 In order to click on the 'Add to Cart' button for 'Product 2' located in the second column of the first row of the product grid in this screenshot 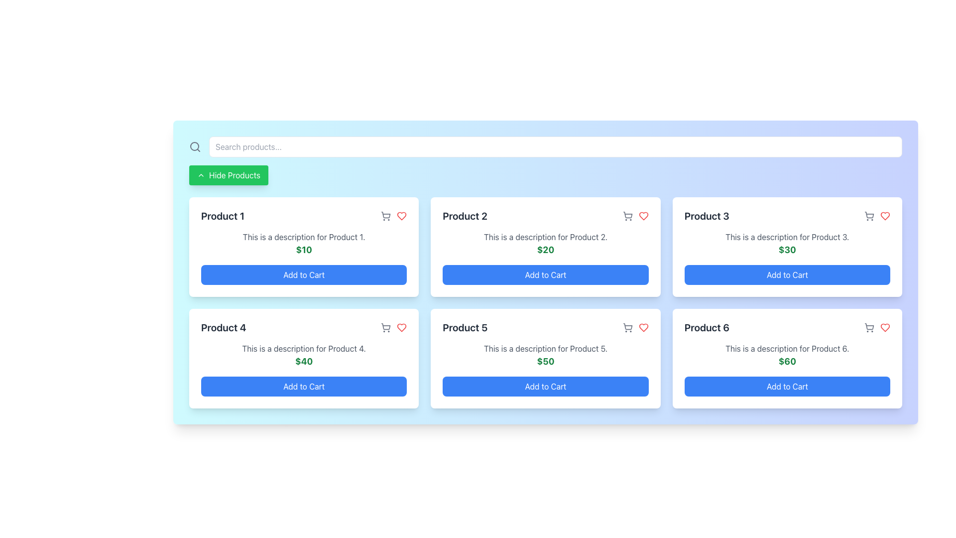, I will do `click(545, 274)`.